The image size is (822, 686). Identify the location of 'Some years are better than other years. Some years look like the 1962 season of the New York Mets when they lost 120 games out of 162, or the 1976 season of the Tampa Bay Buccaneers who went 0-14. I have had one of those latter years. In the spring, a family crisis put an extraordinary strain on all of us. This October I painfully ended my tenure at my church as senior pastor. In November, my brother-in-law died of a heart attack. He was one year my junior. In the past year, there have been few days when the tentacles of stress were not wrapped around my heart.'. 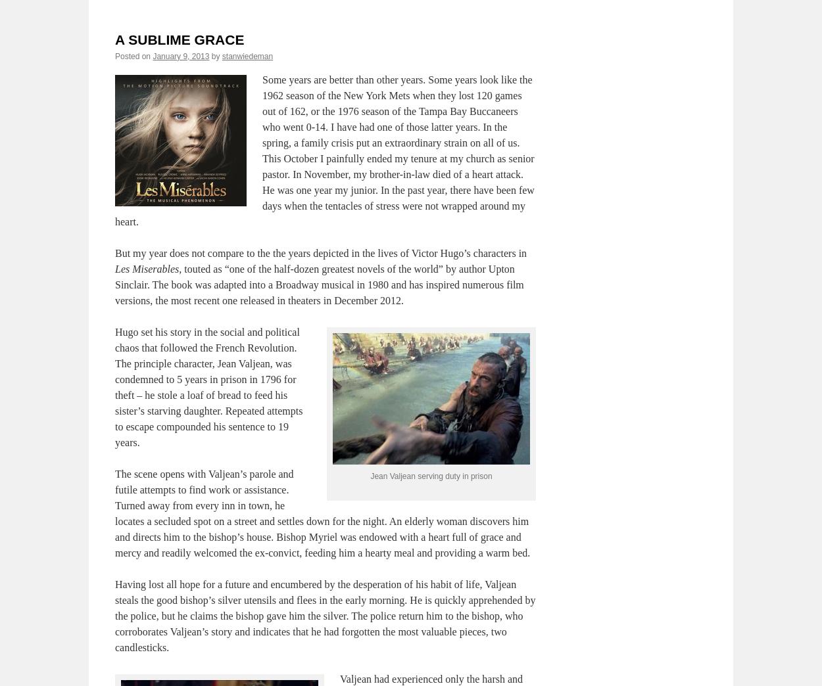
(324, 150).